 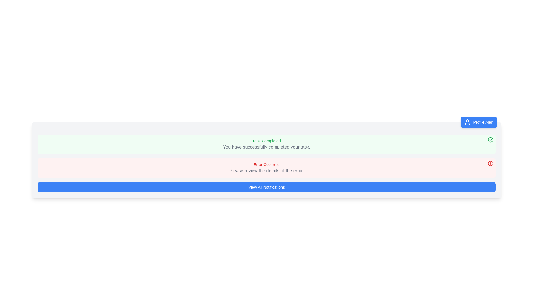 I want to click on the static text element that reads 'Task Completed', which is styled in green and located within a green highlighted box, so click(x=266, y=140).